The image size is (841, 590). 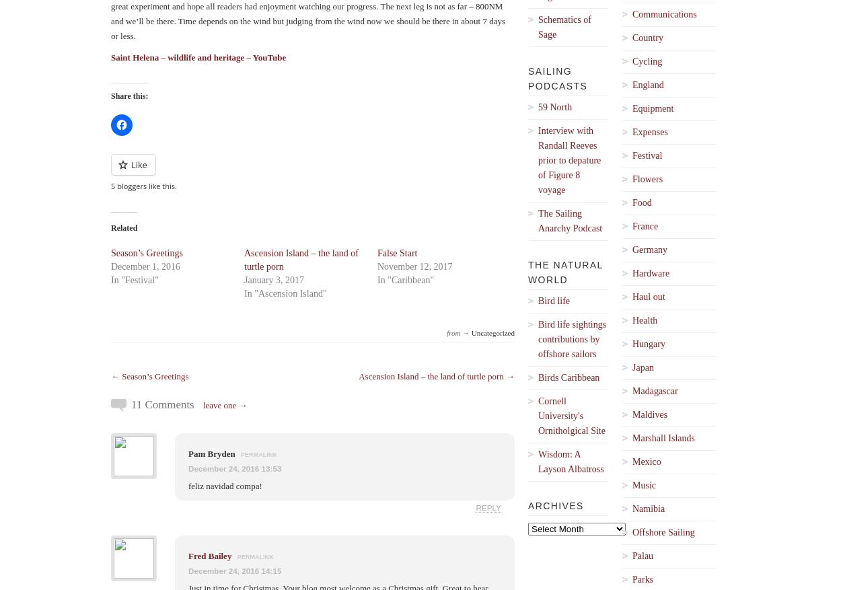 What do you see at coordinates (557, 77) in the screenshot?
I see `'Sailing Podcasts'` at bounding box center [557, 77].